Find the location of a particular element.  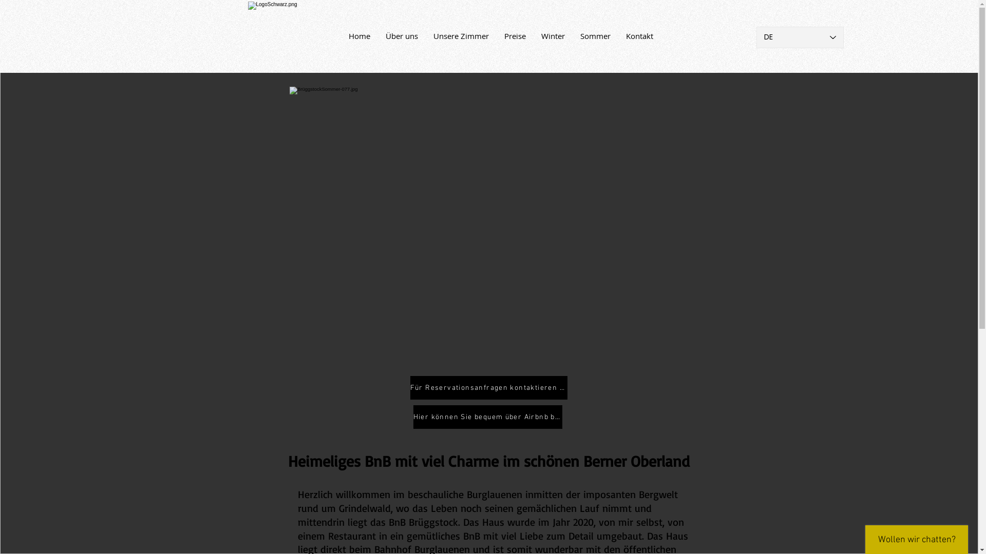

'Kontakt' is located at coordinates (639, 35).